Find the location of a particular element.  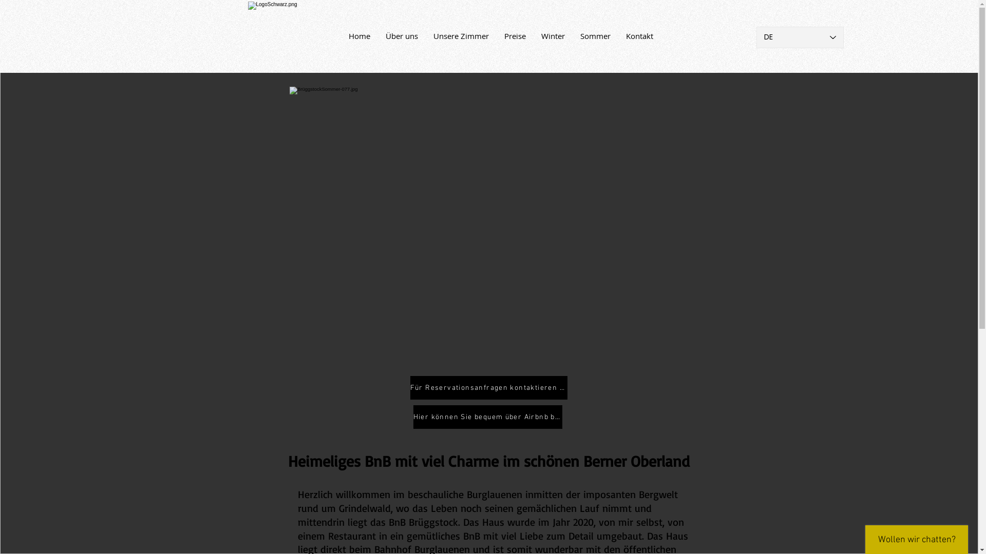

'Kontakt' is located at coordinates (639, 35).